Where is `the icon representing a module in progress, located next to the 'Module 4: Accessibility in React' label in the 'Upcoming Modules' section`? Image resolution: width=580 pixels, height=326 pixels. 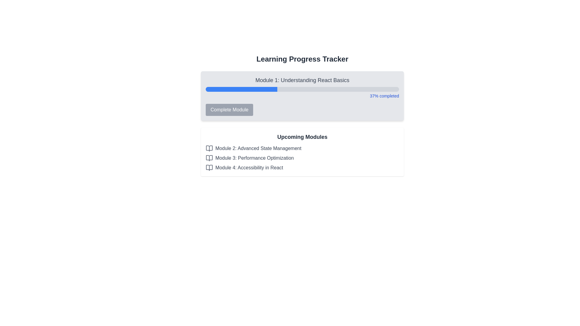
the icon representing a module in progress, located next to the 'Module 4: Accessibility in React' label in the 'Upcoming Modules' section is located at coordinates (209, 168).